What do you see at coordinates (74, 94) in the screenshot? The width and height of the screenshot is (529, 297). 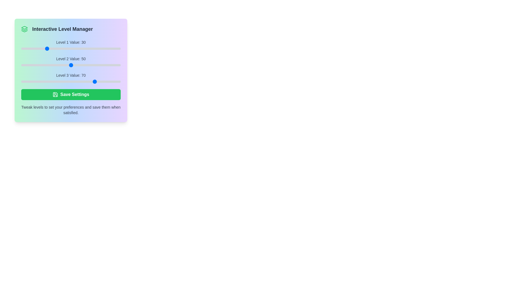 I see `the 'Save Settings' text within the green button` at bounding box center [74, 94].